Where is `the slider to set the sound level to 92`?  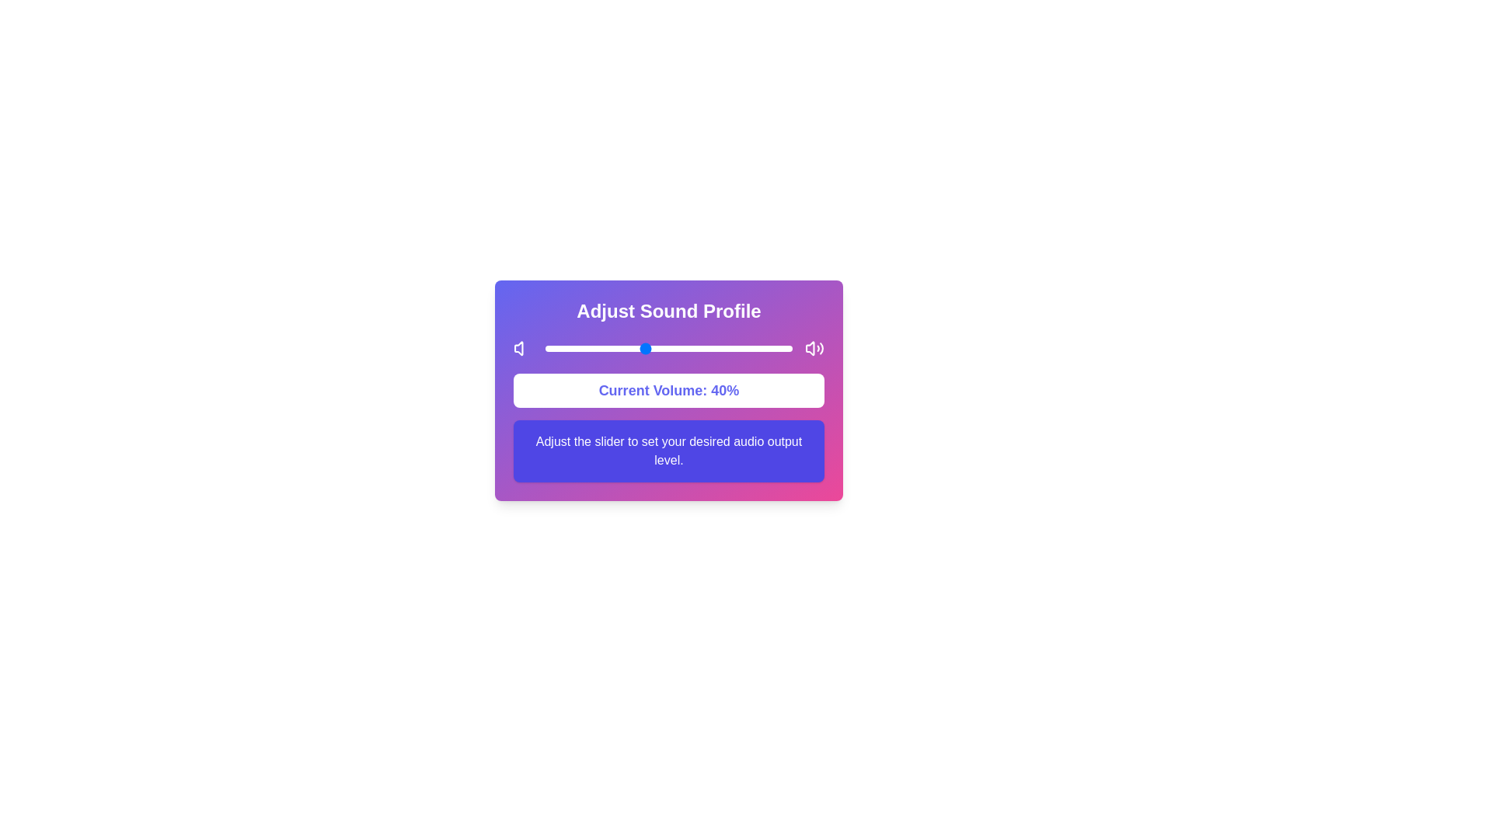 the slider to set the sound level to 92 is located at coordinates (772, 347).